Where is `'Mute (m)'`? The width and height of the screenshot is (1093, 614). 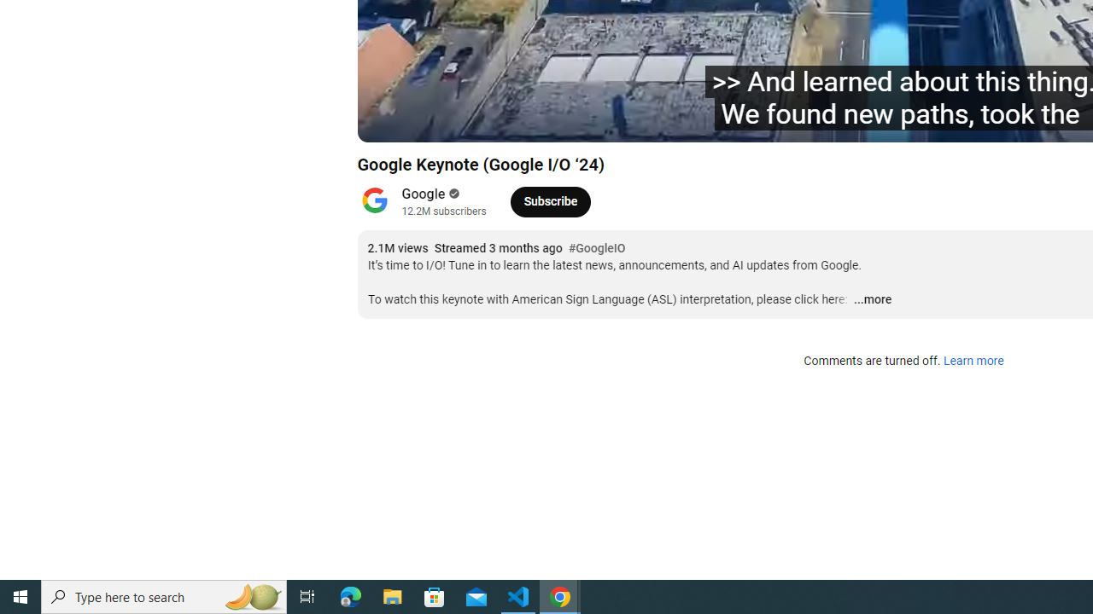 'Mute (m)' is located at coordinates (506, 120).